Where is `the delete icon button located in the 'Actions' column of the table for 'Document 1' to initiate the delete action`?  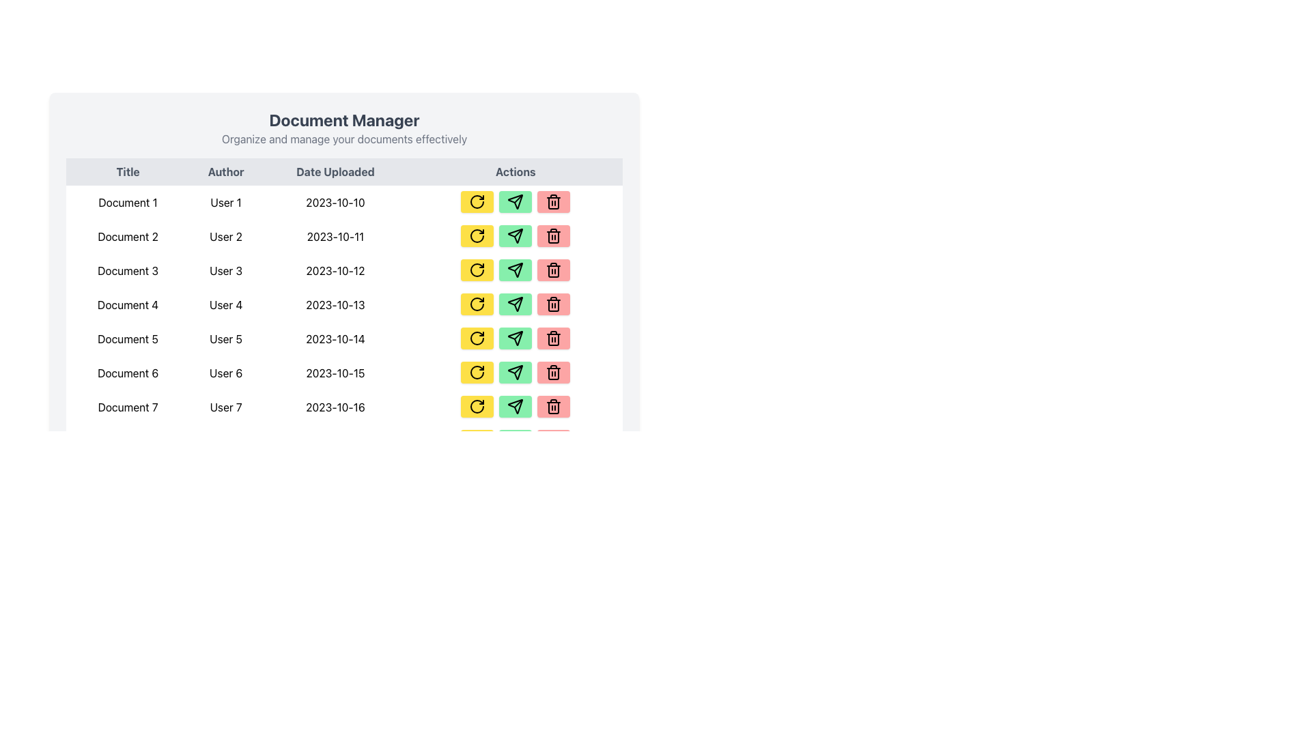
the delete icon button located in the 'Actions' column of the table for 'Document 1' to initiate the delete action is located at coordinates (554, 202).